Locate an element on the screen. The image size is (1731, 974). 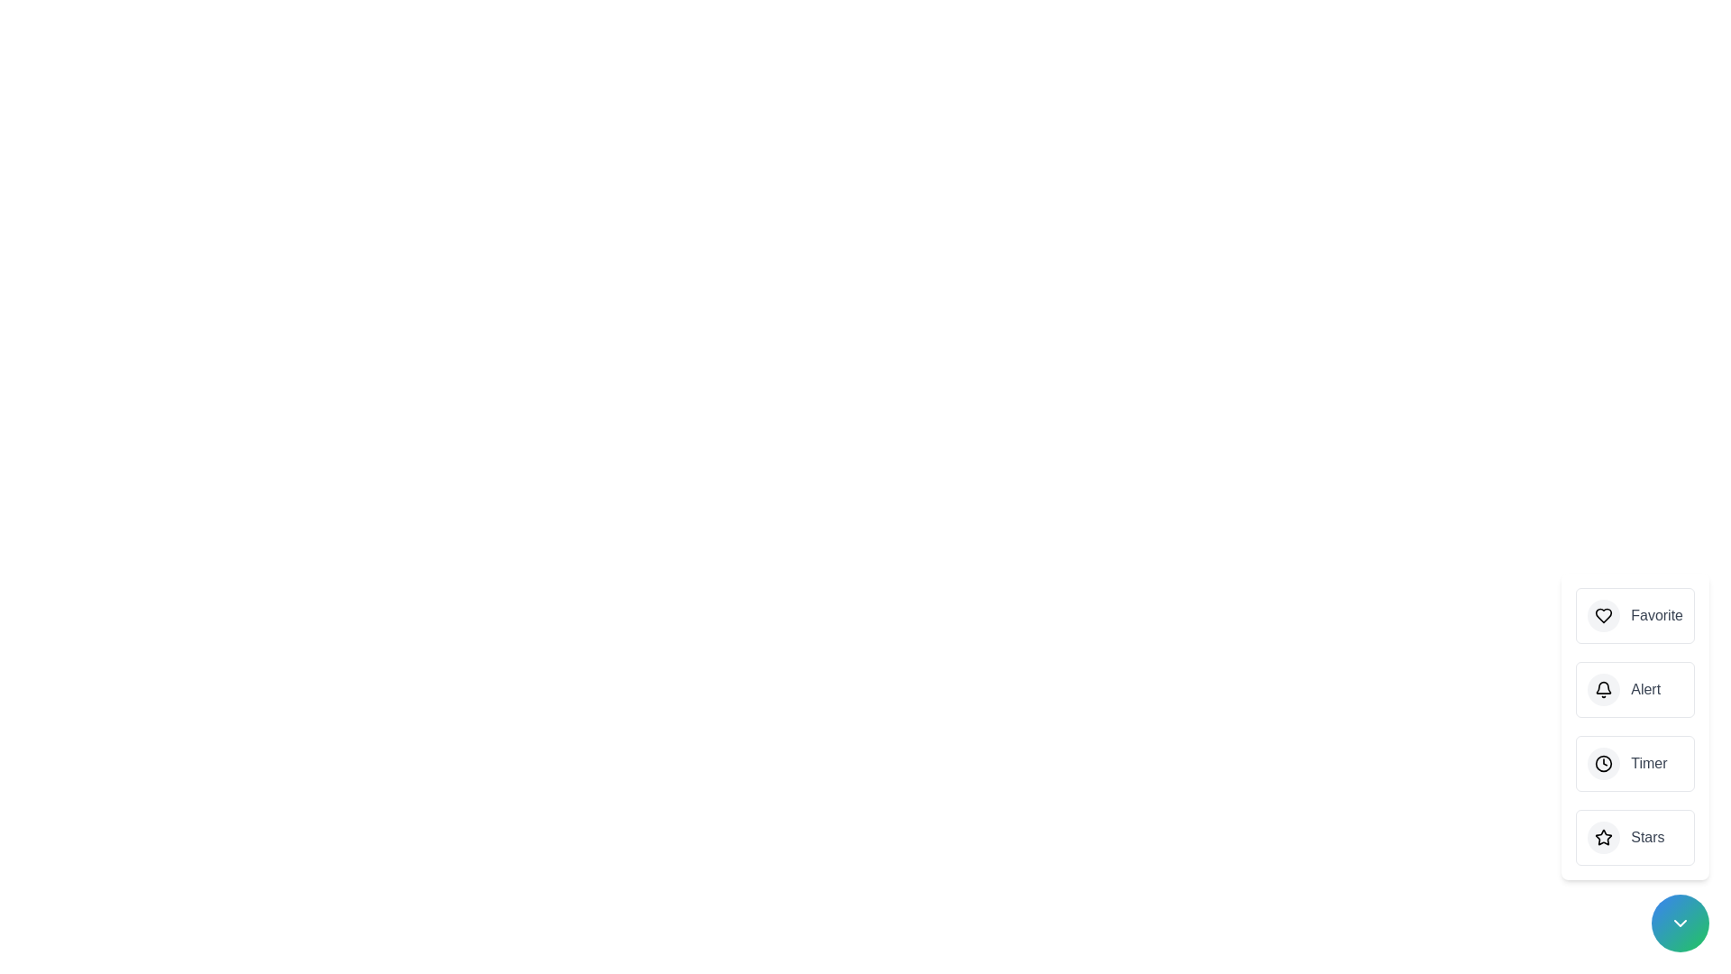
the 'Alert' button to trigger its associated action is located at coordinates (1635, 689).